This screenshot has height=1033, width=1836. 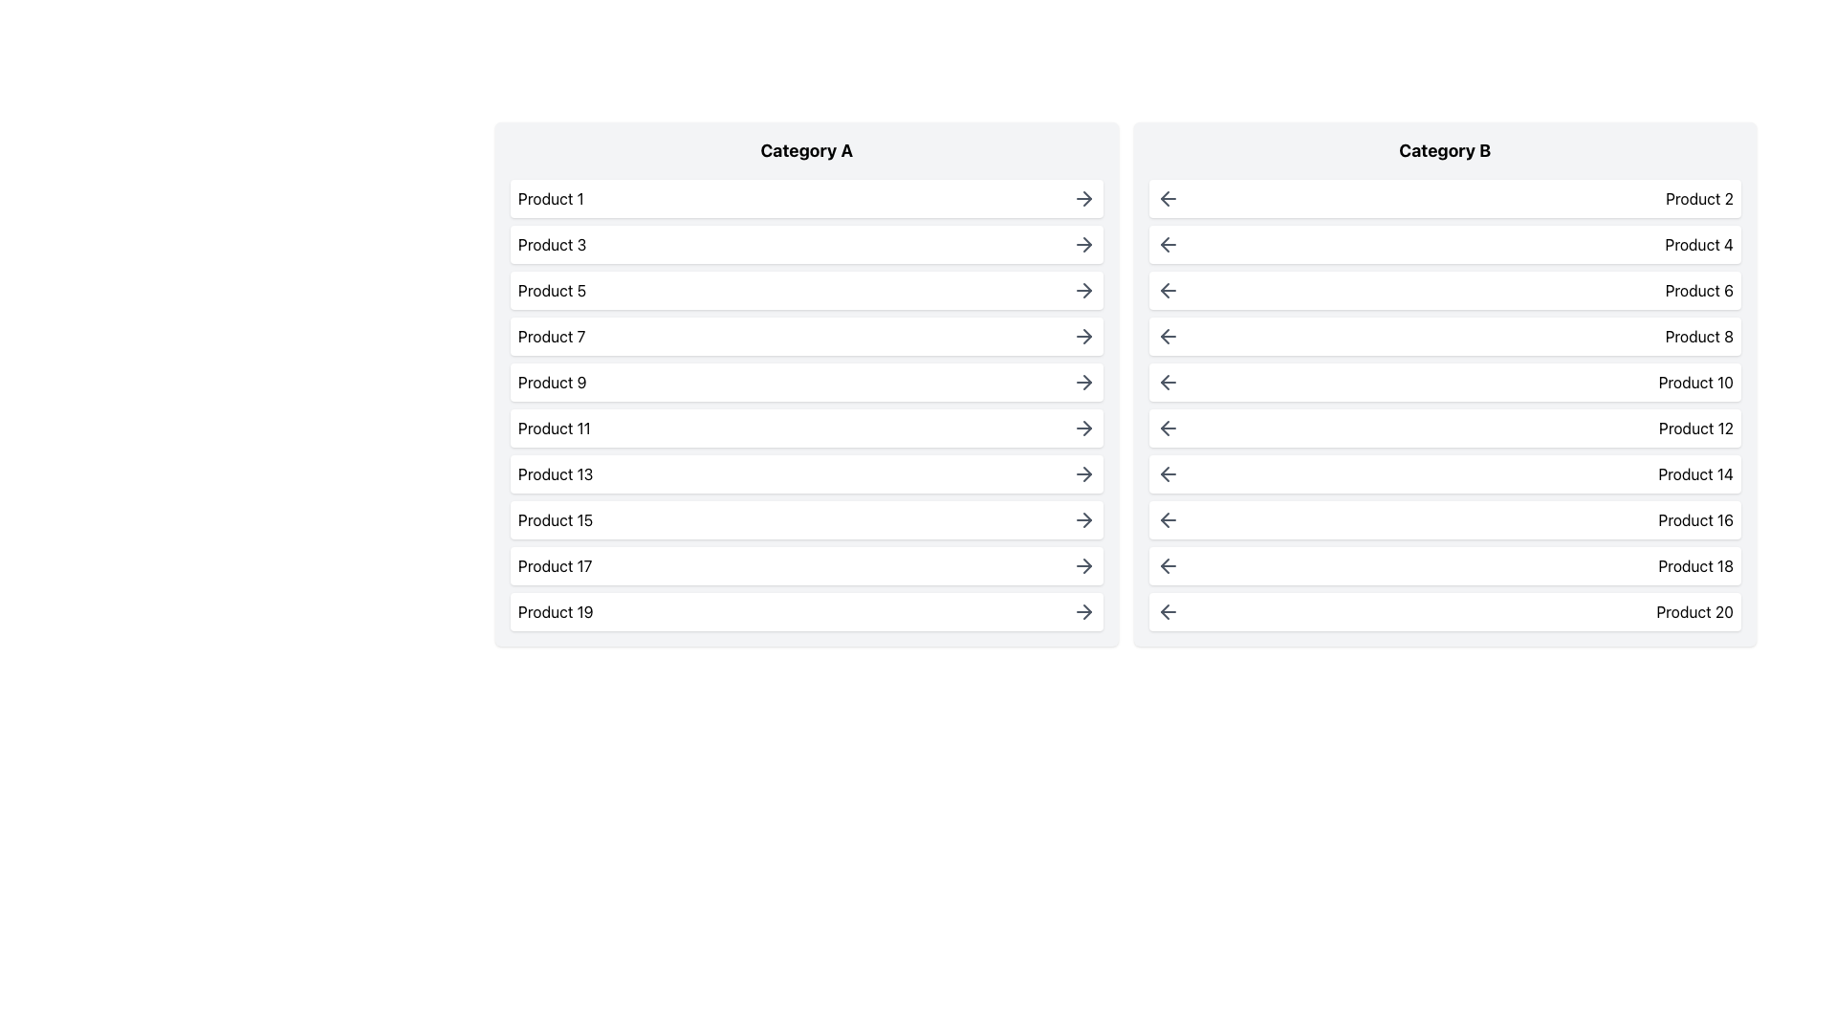 What do you see at coordinates (1167, 199) in the screenshot?
I see `the left-pointing arrow button located at the beginning of the 'Product 2' row under the 'Category B' column to trigger the color change effect` at bounding box center [1167, 199].